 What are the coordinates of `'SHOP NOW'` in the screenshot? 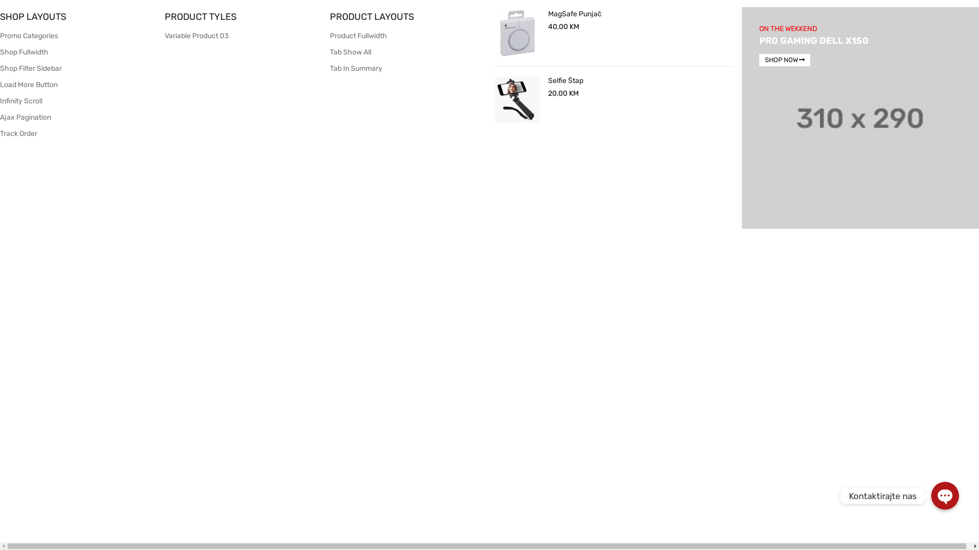 It's located at (784, 60).